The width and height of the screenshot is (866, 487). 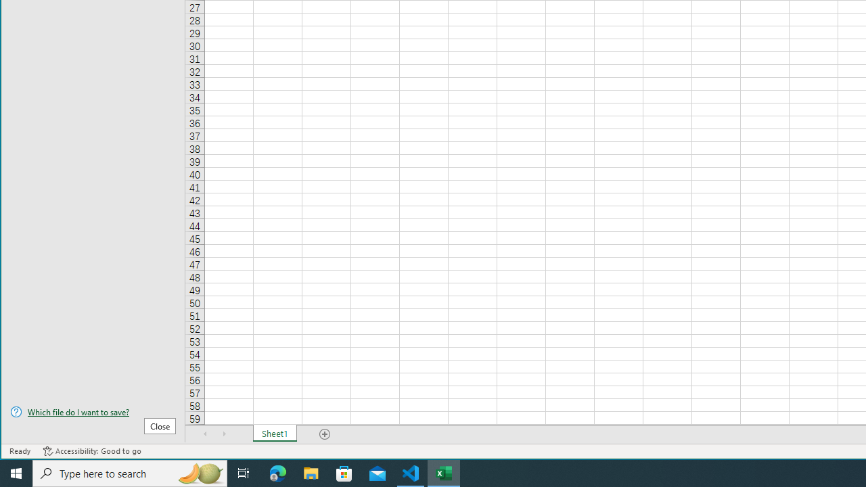 What do you see at coordinates (277, 472) in the screenshot?
I see `'Microsoft Edge'` at bounding box center [277, 472].